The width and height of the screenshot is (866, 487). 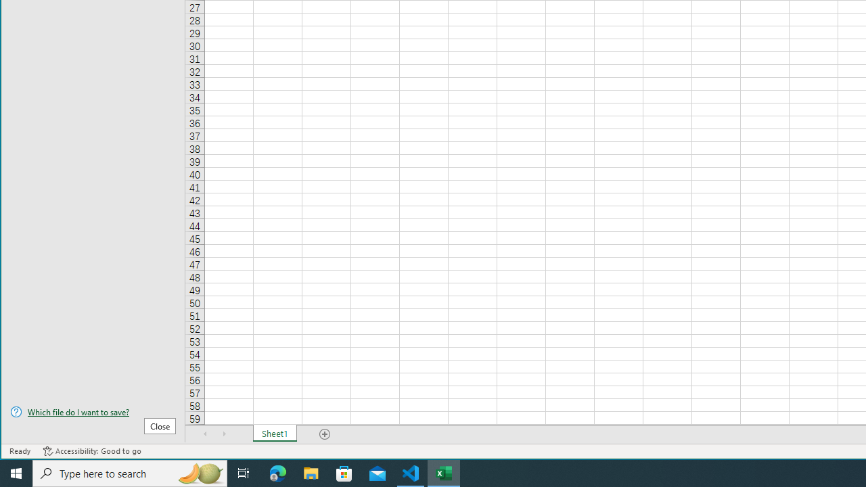 What do you see at coordinates (277, 472) in the screenshot?
I see `'Microsoft Edge'` at bounding box center [277, 472].